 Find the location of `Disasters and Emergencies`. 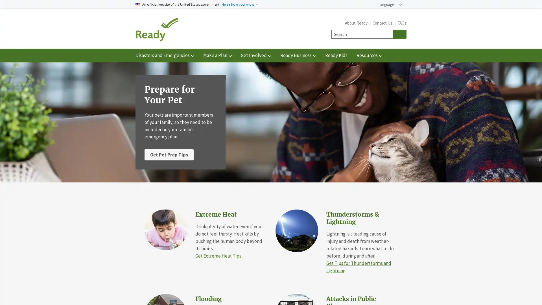

Disasters and Emergencies is located at coordinates (165, 55).